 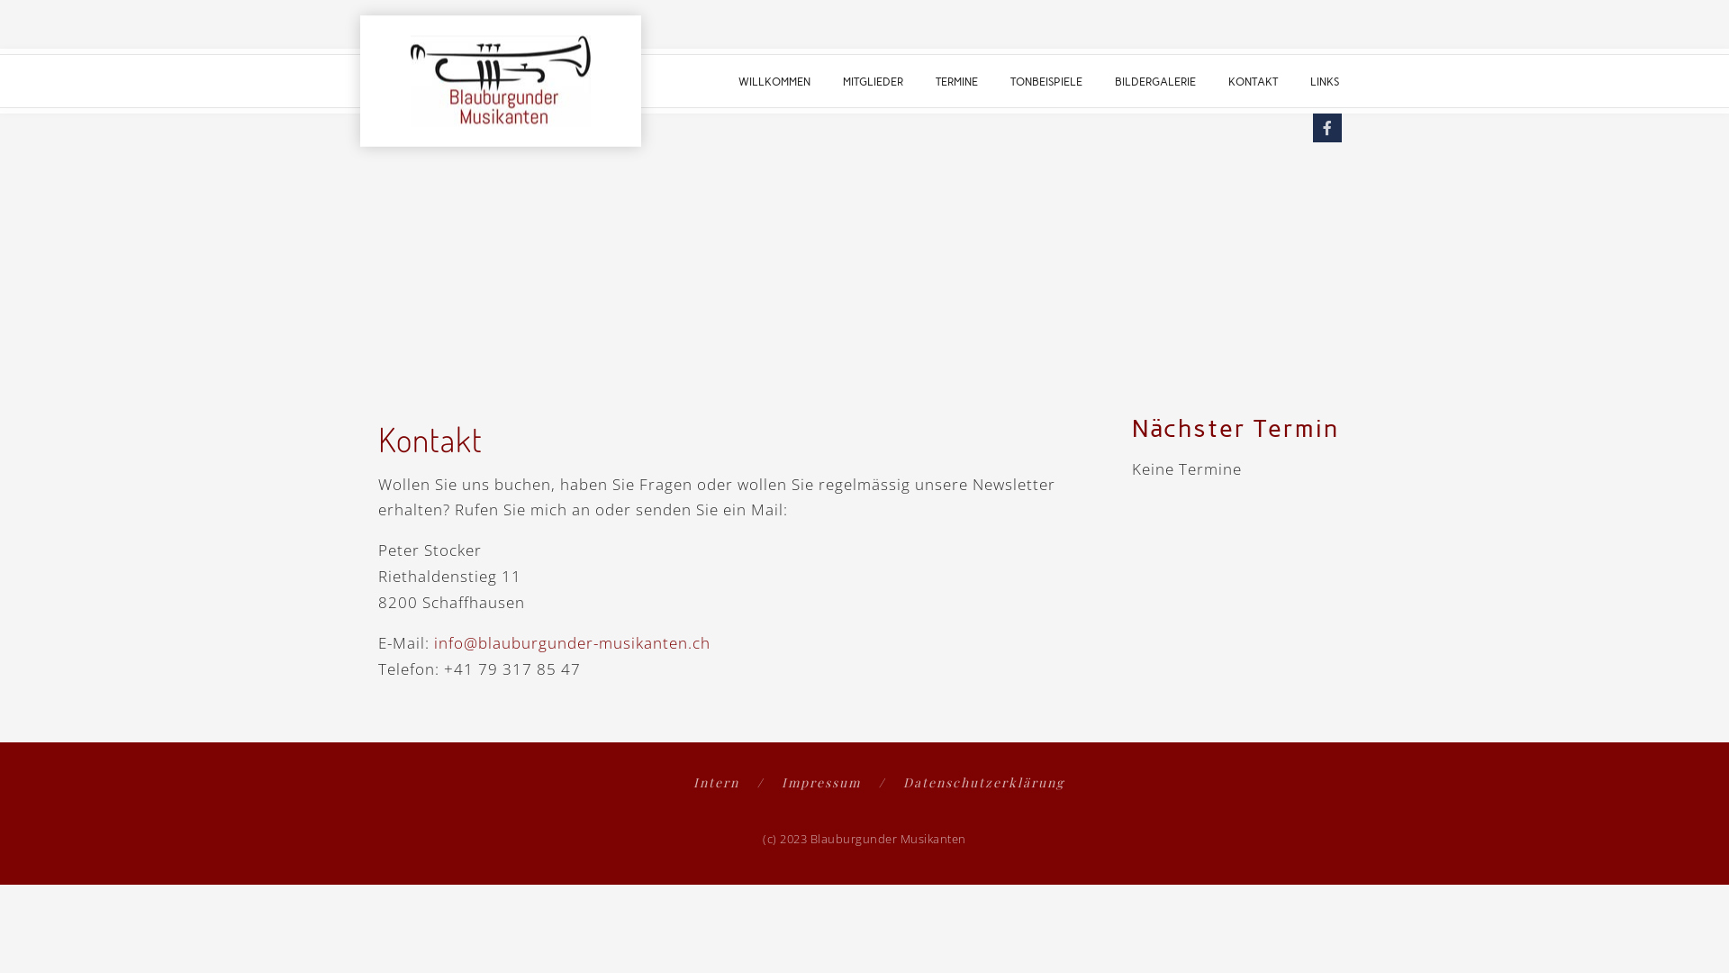 What do you see at coordinates (1326, 127) in the screenshot?
I see `'Facebook'` at bounding box center [1326, 127].